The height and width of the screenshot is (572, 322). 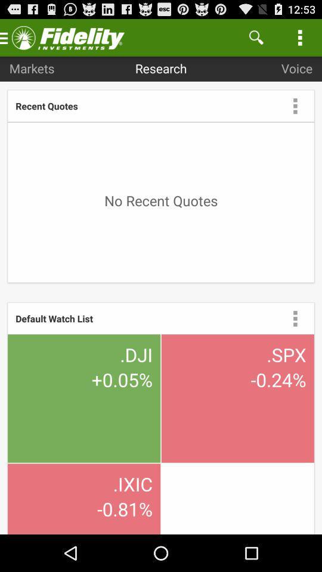 I want to click on the markets app, so click(x=32, y=68).